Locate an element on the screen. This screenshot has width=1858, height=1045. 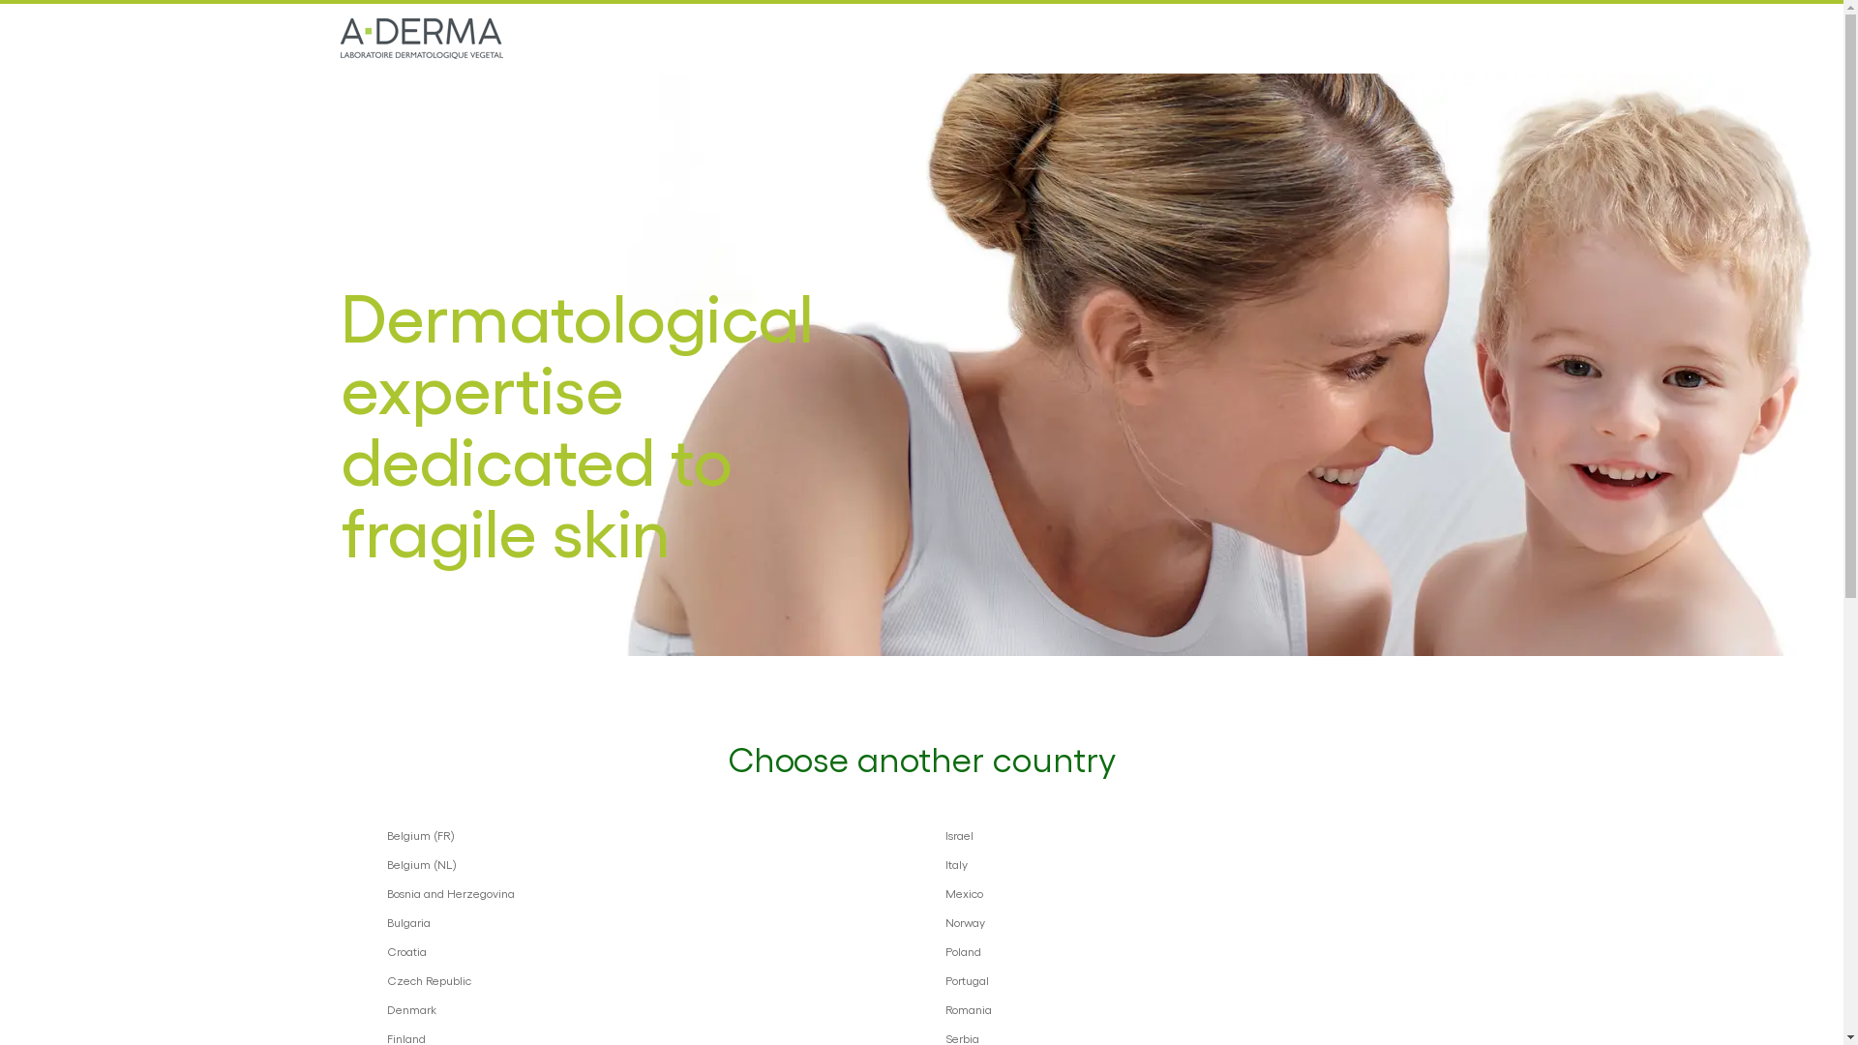
'Croatia' is located at coordinates (643, 950).